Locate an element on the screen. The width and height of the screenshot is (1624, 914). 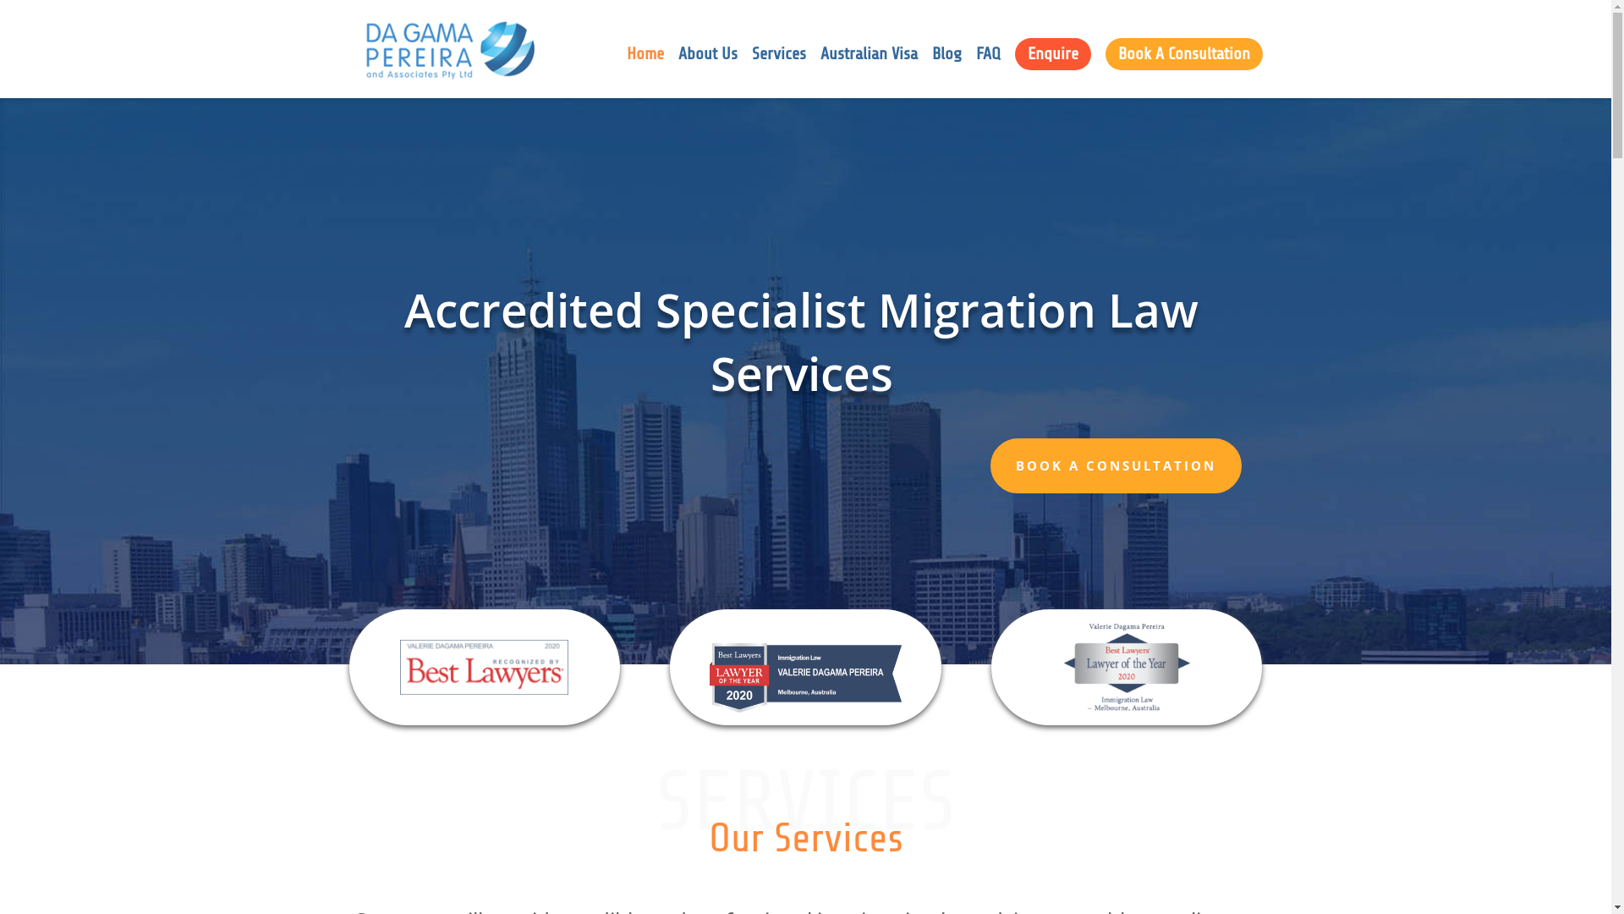
'Book A Consultation' is located at coordinates (1182, 53).